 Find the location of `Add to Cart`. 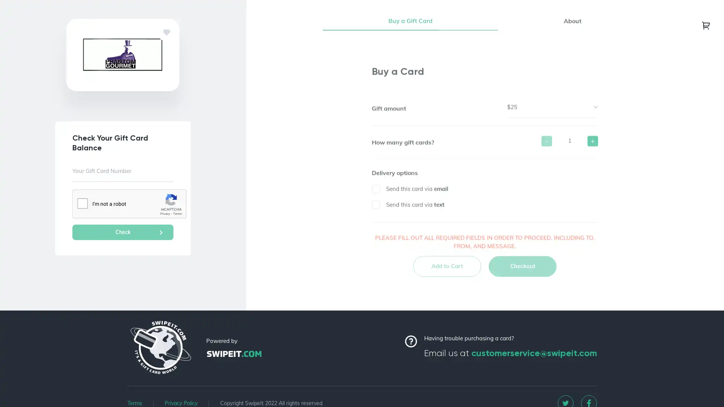

Add to Cart is located at coordinates (447, 269).